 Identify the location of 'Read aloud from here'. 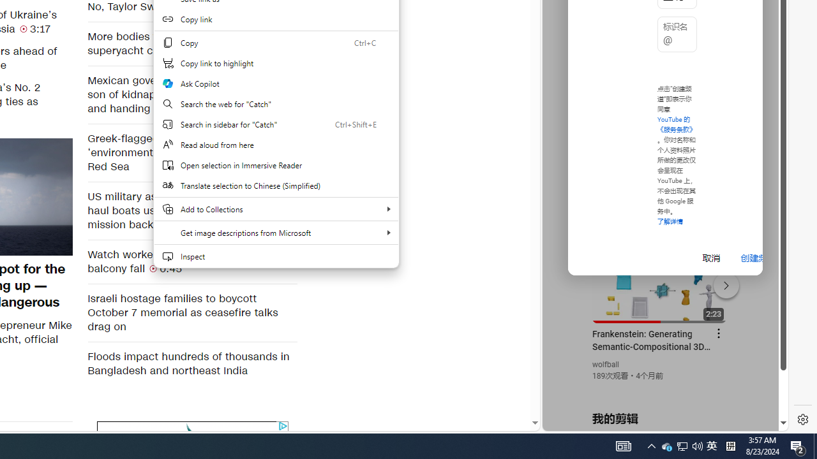
(275, 144).